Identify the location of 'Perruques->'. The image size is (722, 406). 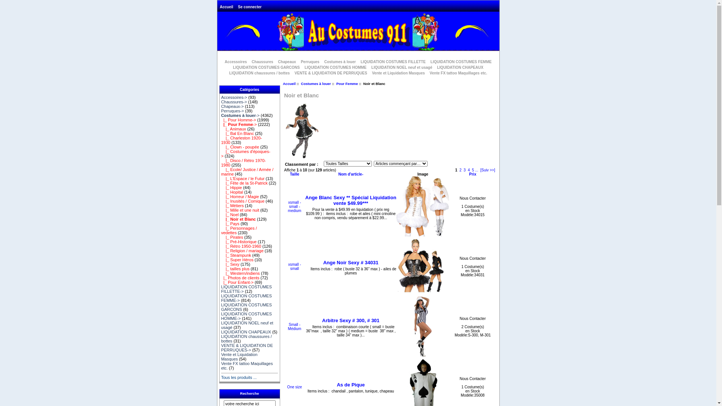
(232, 111).